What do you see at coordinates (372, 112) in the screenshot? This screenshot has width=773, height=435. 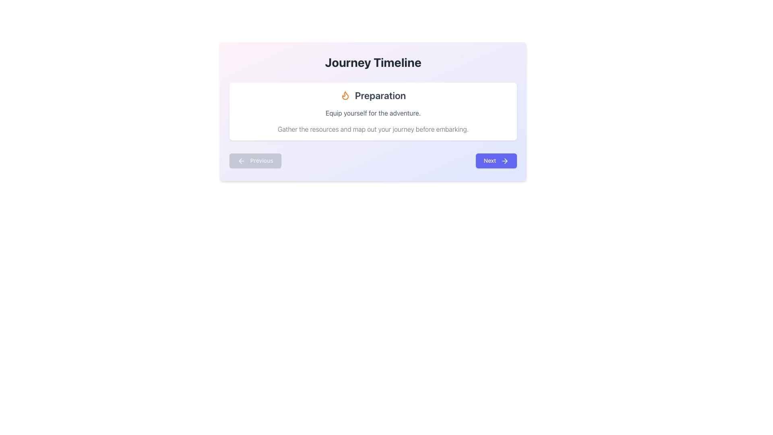 I see `the informational and navigational UI component that describes the 'Preparation' phase of the journey timeline, which is centrally positioned with a gradient background` at bounding box center [372, 112].